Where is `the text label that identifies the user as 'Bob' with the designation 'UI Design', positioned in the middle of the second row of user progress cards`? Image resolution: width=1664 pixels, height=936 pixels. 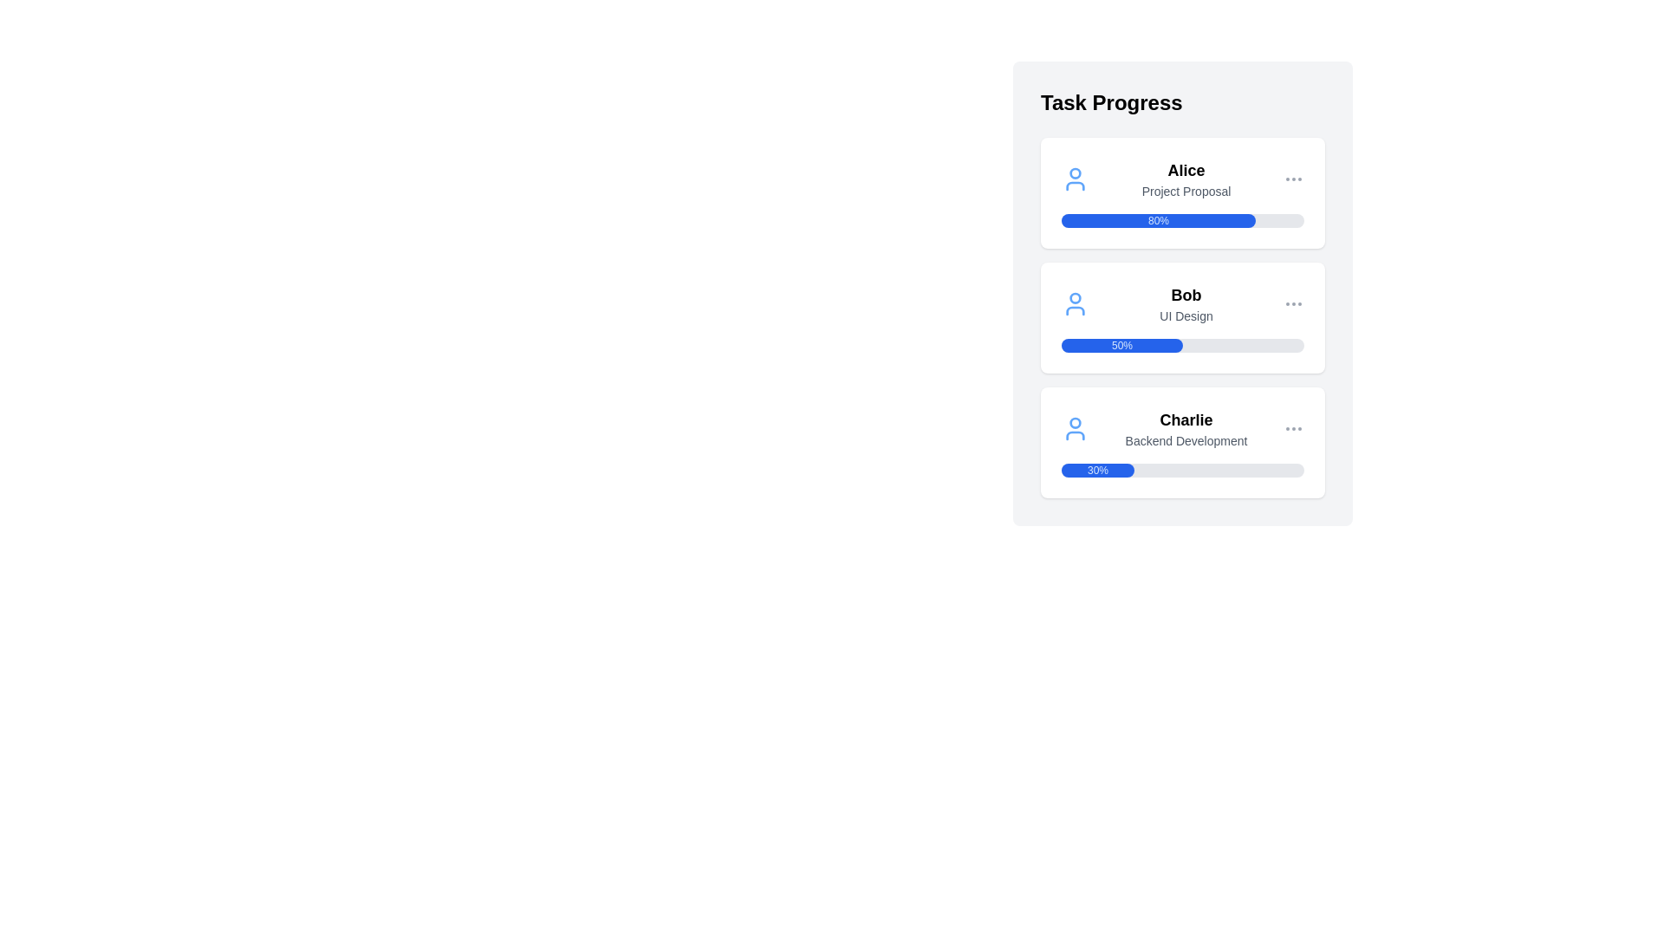
the text label that identifies the user as 'Bob' with the designation 'UI Design', positioned in the middle of the second row of user progress cards is located at coordinates (1185, 303).